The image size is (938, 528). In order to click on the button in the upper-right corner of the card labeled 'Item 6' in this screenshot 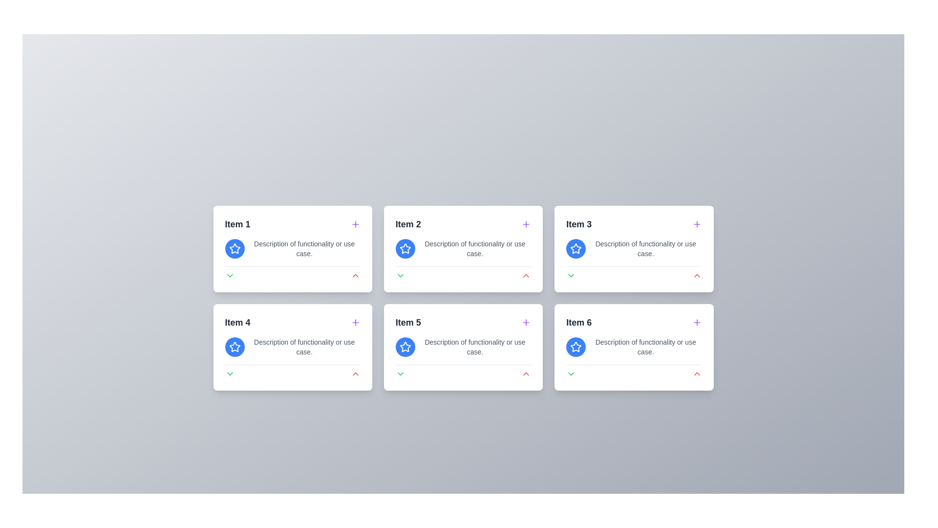, I will do `click(696, 322)`.